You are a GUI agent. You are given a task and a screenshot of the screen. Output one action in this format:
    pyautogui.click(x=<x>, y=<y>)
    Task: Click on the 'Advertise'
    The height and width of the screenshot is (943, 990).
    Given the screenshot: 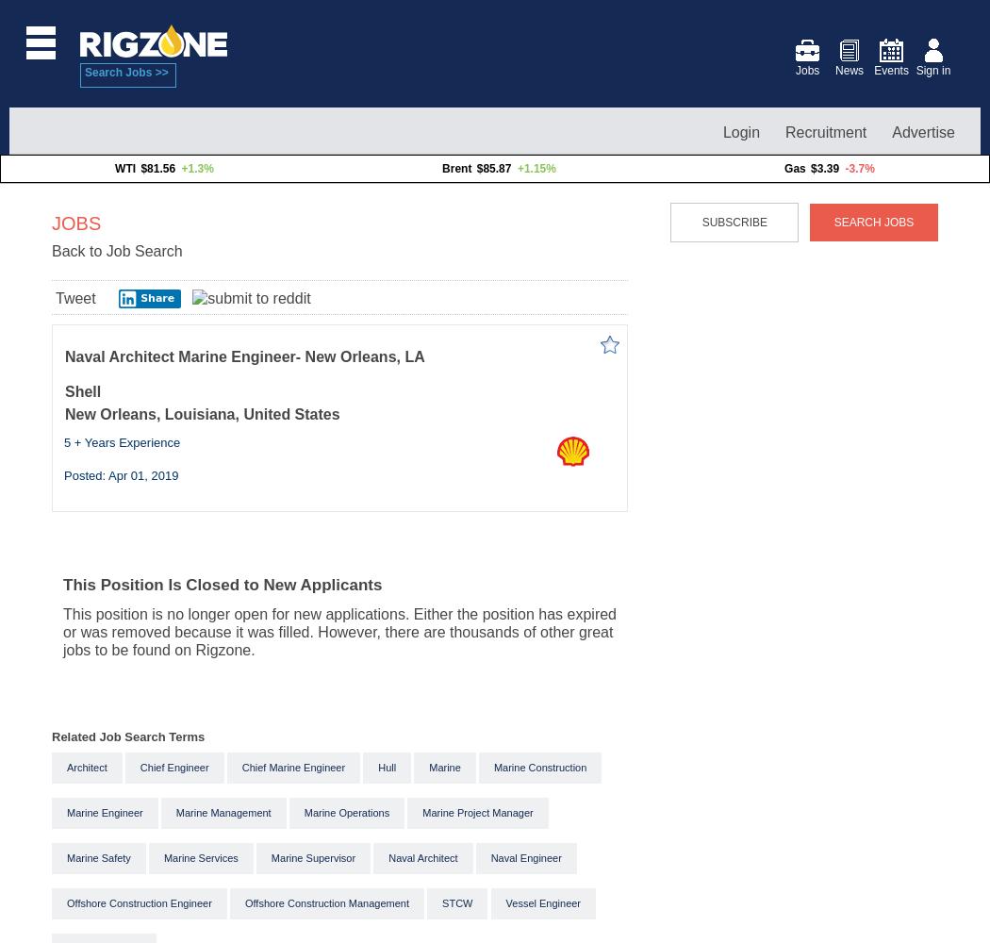 What is the action you would take?
    pyautogui.click(x=923, y=131)
    